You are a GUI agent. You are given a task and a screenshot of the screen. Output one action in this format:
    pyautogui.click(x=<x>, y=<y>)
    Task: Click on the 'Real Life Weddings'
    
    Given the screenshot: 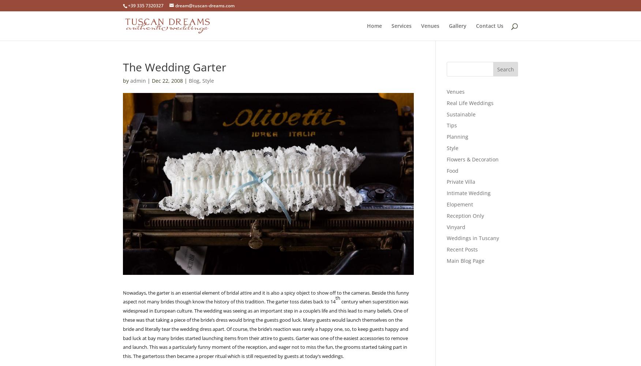 What is the action you would take?
    pyautogui.click(x=469, y=102)
    